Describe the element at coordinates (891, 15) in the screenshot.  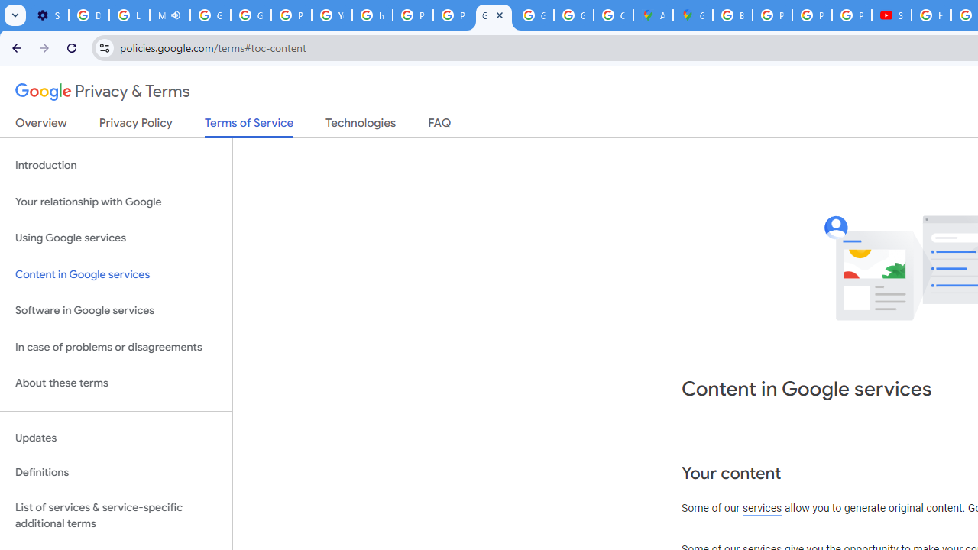
I see `'Subscriptions - YouTube'` at that location.